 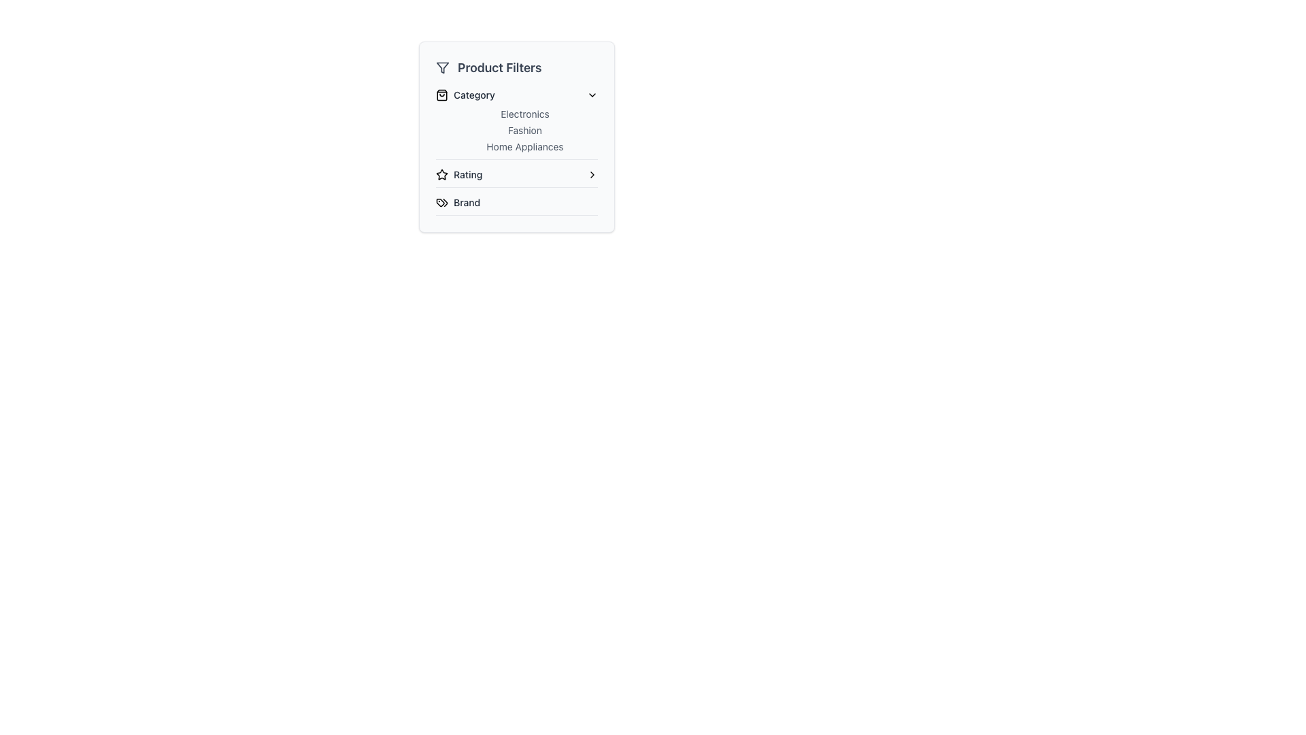 What do you see at coordinates (516, 124) in the screenshot?
I see `the Dropdown element located in the top portion of the 'Product Filters' section` at bounding box center [516, 124].